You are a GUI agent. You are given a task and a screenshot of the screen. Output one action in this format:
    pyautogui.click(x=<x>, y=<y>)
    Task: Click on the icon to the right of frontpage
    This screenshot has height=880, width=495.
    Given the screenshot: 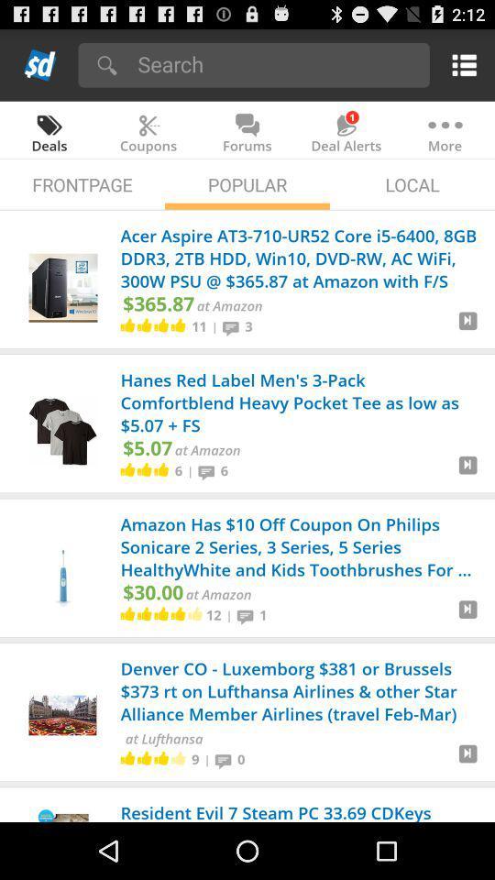 What is the action you would take?
    pyautogui.click(x=247, y=184)
    